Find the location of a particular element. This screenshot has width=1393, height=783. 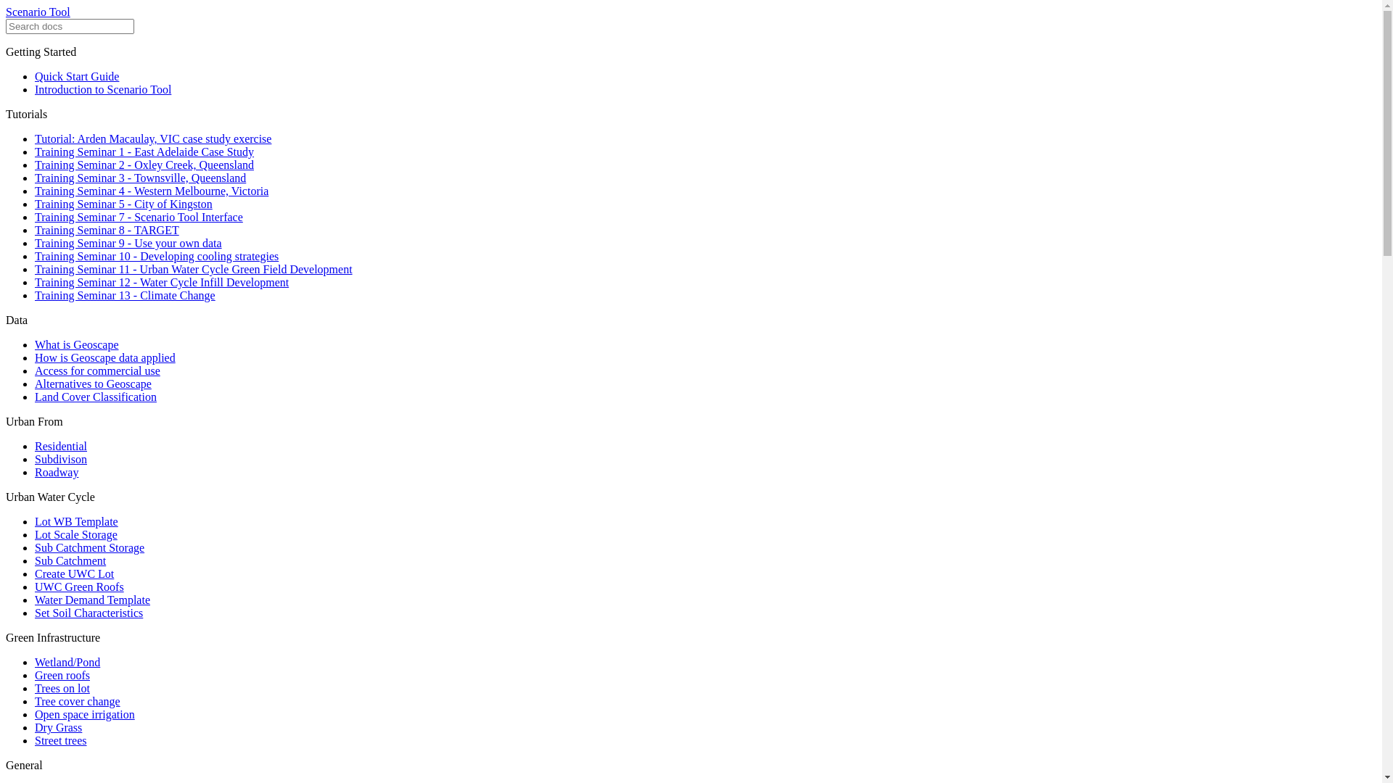

'Introduction to Scenario Tool' is located at coordinates (35, 89).